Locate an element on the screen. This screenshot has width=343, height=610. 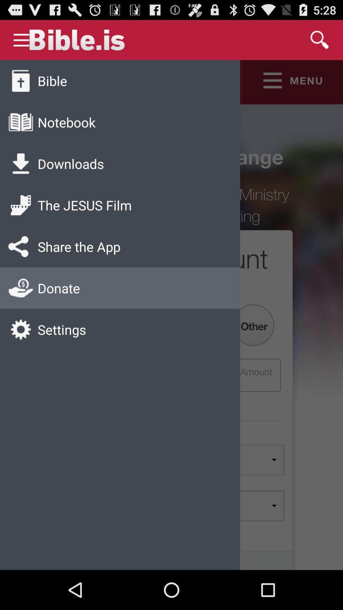
icon above donate icon is located at coordinates (79, 246).